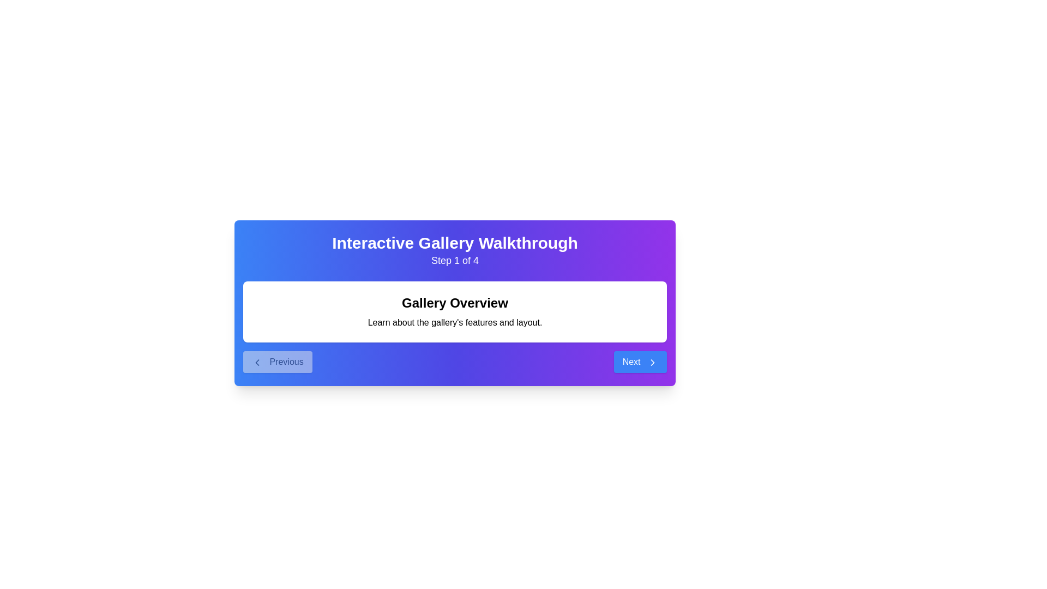  I want to click on the static text label providing additional information about the 'Gallery Overview' section, located beneath the heading within a rectangular white card, so click(455, 322).